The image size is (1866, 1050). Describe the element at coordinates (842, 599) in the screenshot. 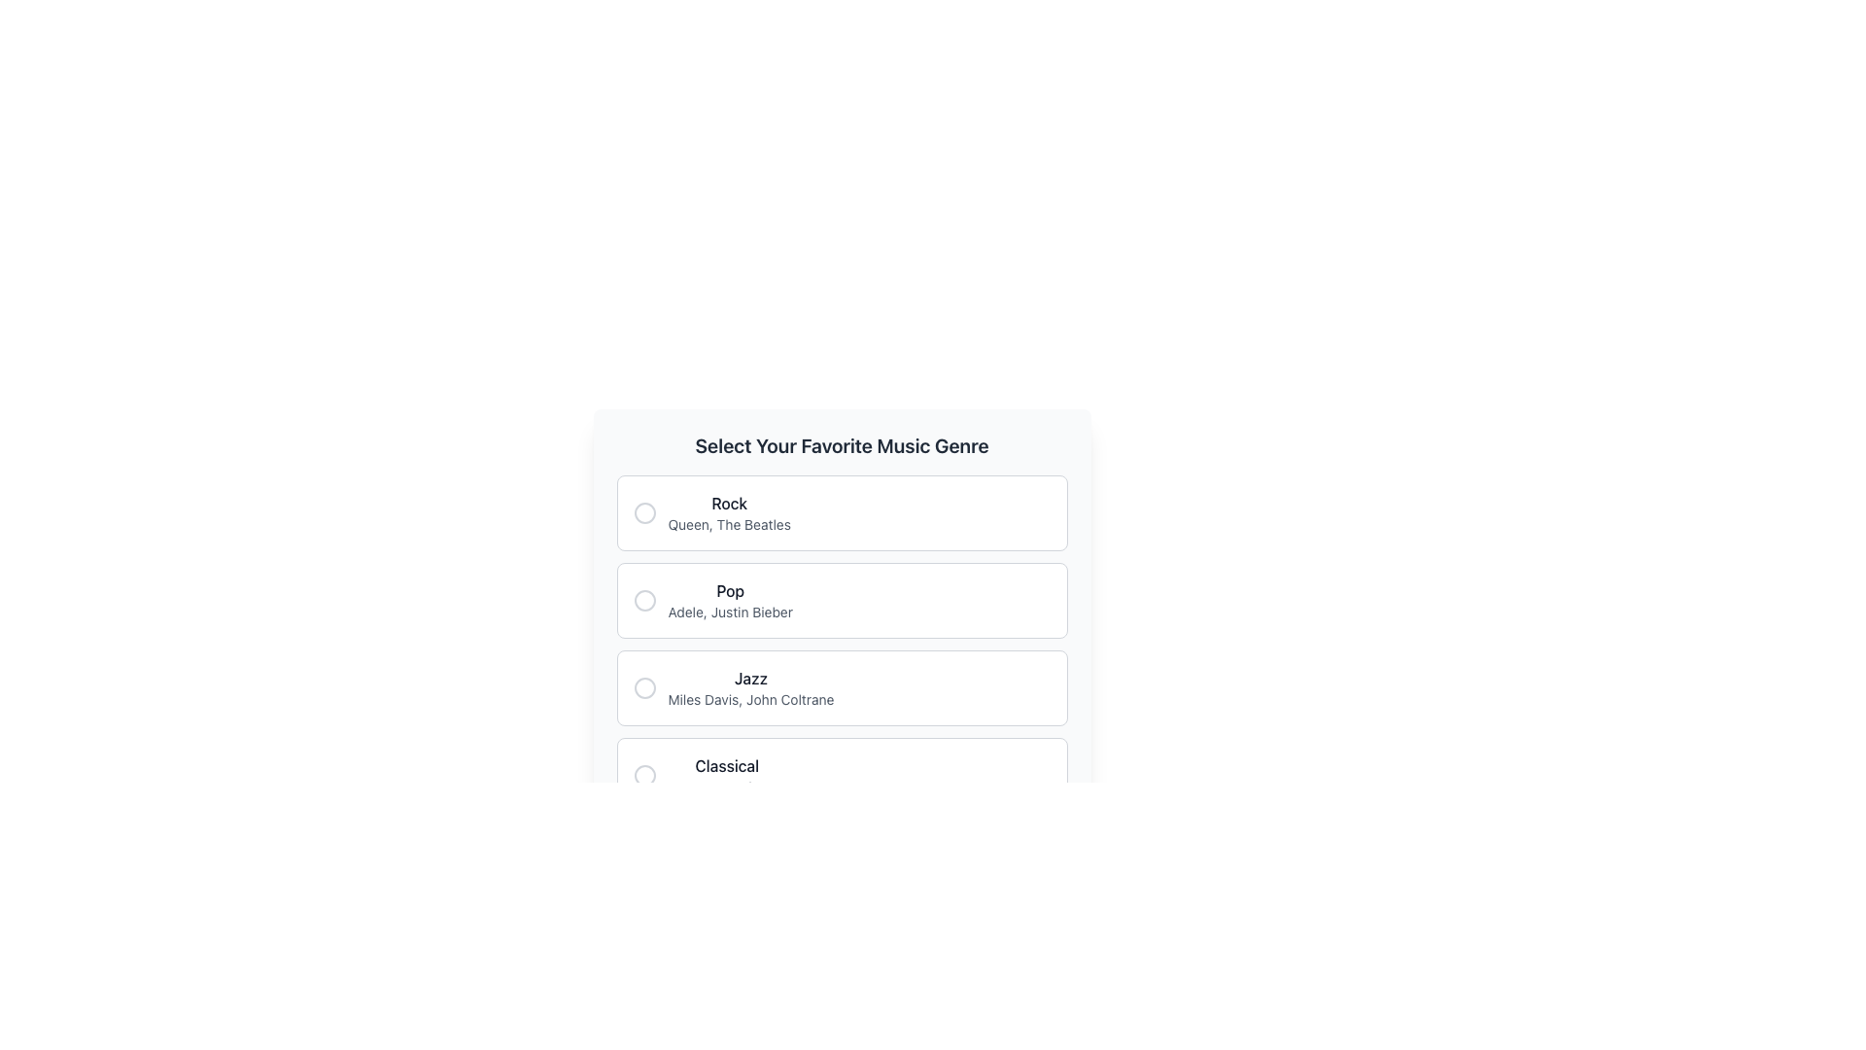

I see `the second radio button labeled 'Pop' which is part of a vertically stacked selection list for keyboard interaction` at that location.